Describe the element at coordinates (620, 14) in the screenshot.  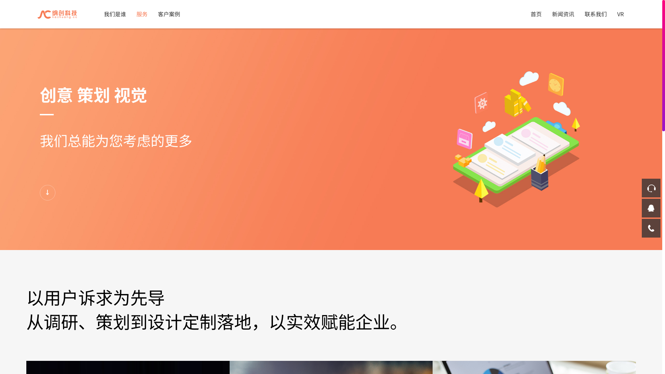
I see `'VR'` at that location.